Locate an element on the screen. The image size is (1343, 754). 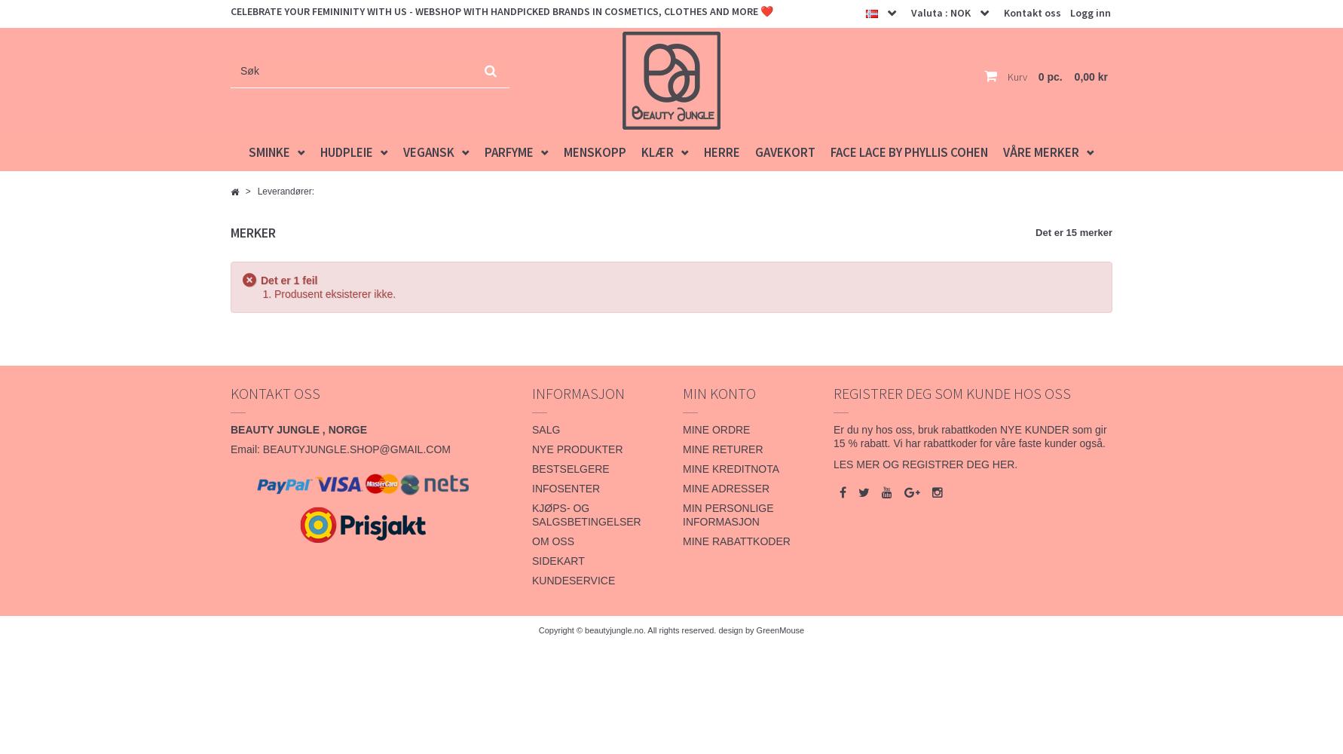
'VÅRE MERKER' is located at coordinates (1040, 152).